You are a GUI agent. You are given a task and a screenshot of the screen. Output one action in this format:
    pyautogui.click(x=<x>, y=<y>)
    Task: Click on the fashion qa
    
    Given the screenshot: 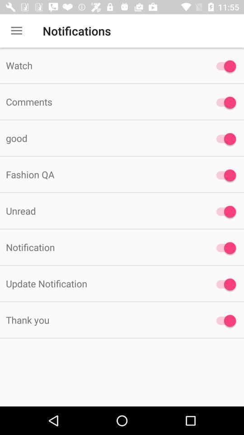 What is the action you would take?
    pyautogui.click(x=223, y=175)
    